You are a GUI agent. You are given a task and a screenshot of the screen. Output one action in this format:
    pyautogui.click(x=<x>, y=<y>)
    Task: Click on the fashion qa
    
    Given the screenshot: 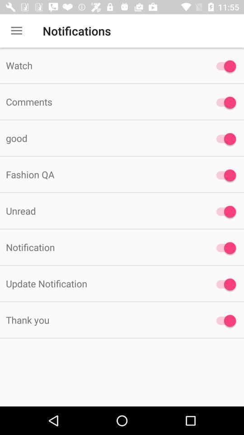 What is the action you would take?
    pyautogui.click(x=223, y=175)
    